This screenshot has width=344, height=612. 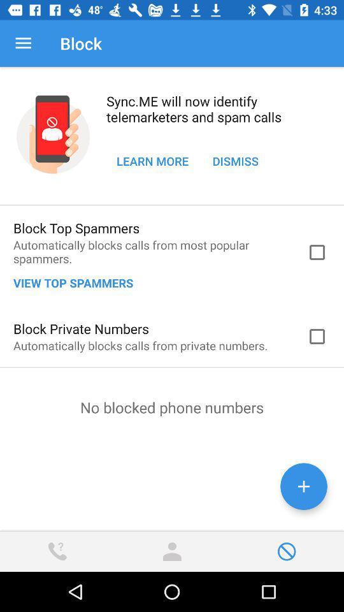 I want to click on learn more icon, so click(x=152, y=160).